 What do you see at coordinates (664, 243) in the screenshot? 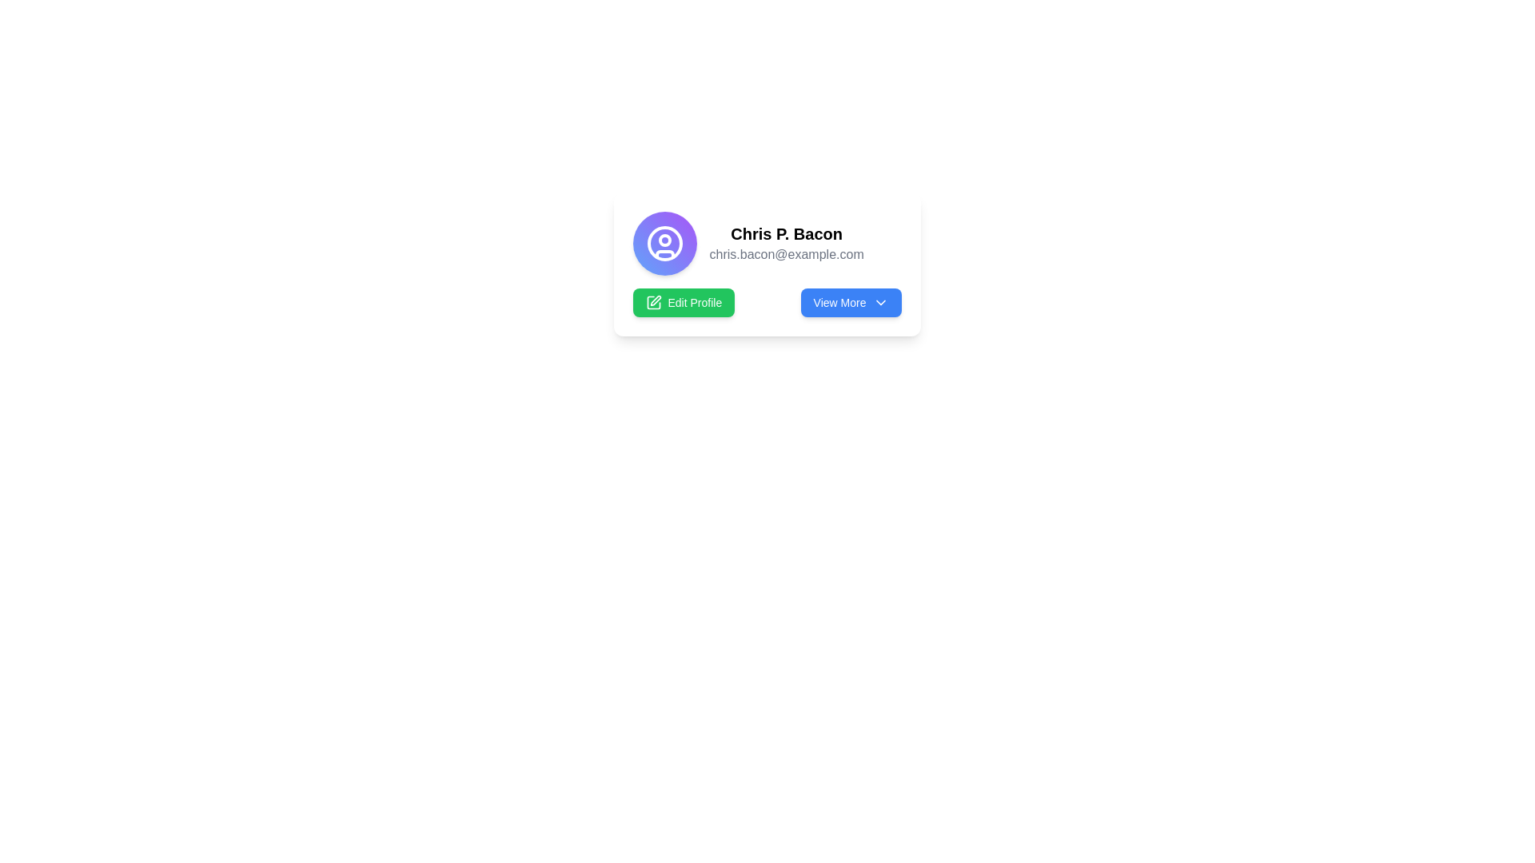
I see `the circular user profile icon with a gradient background located to the left of the text 'Chris P. Bacon' and 'chris.bacon@example.com'` at bounding box center [664, 243].